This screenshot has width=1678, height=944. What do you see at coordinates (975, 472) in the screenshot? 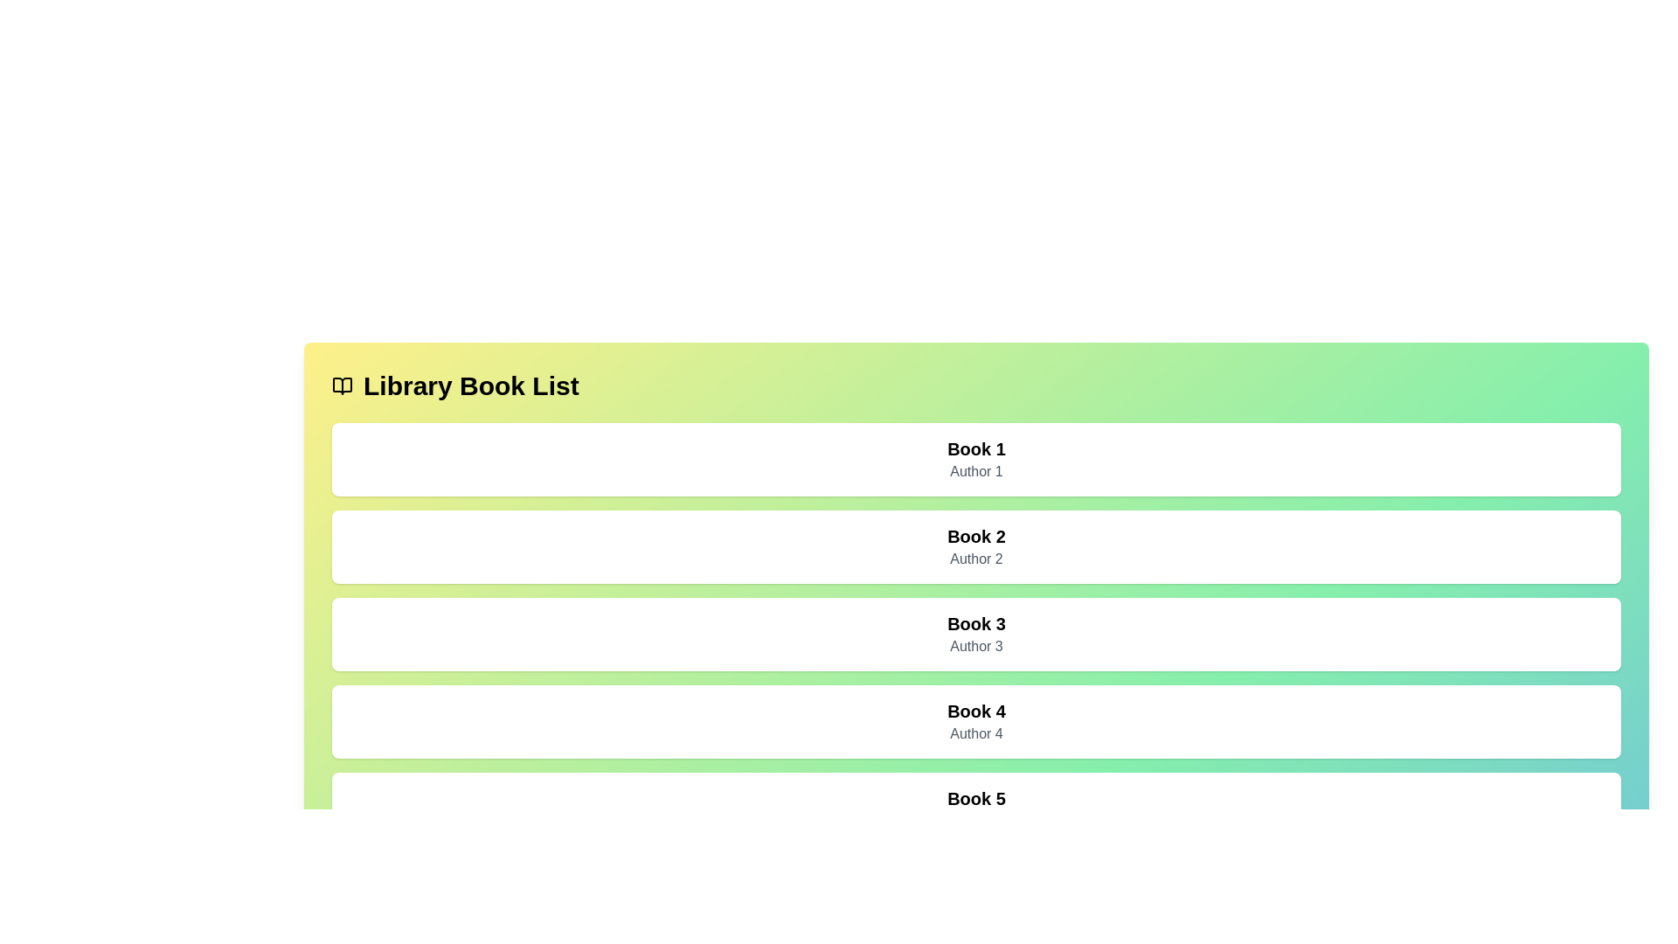
I see `the text label indicating the author of 'Book 1', which is positioned directly below the book title in the first entry of the book list` at bounding box center [975, 472].